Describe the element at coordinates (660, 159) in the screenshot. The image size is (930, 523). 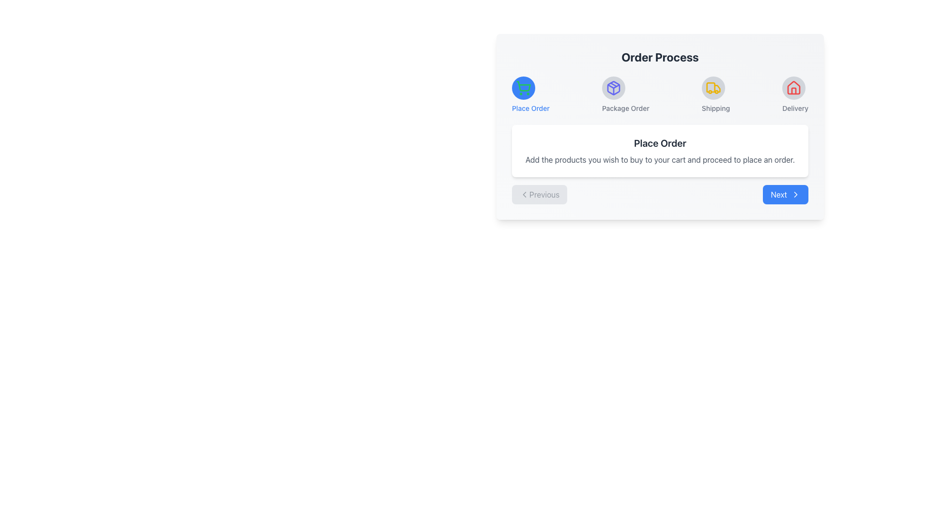
I see `the static text instruction that reads 'Add the products you wish to buy to your cart and proceed to place an order.', which is located below the 'Place Order' heading within a white background card` at that location.